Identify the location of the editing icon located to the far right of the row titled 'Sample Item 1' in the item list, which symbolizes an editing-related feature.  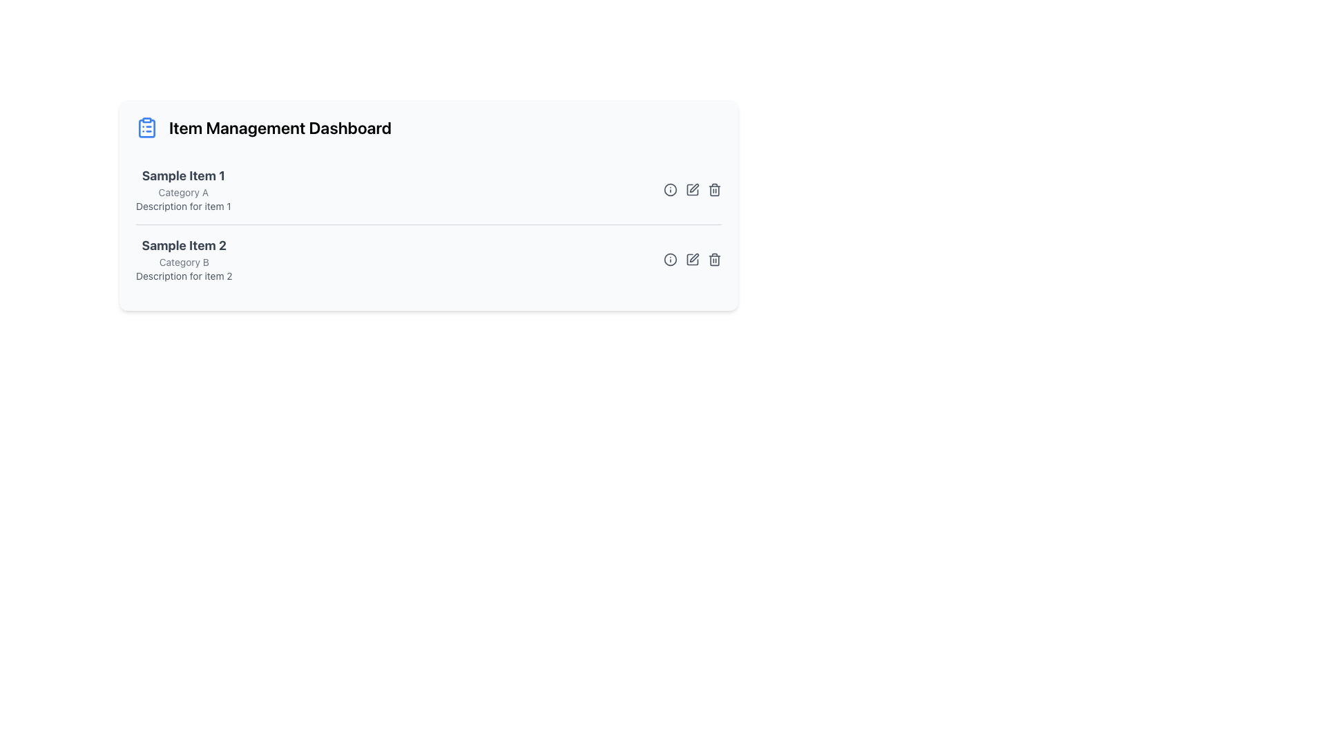
(694, 188).